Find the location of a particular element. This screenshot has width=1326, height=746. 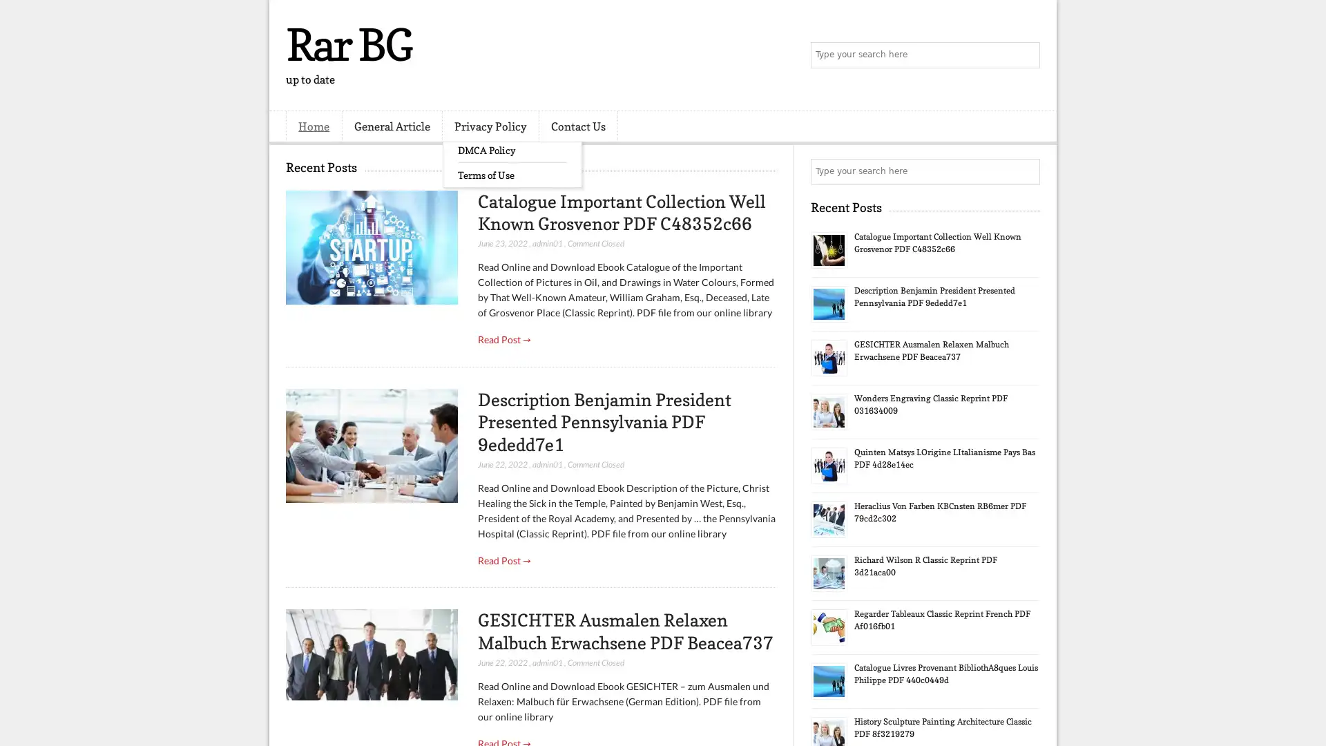

Search is located at coordinates (1026, 55).